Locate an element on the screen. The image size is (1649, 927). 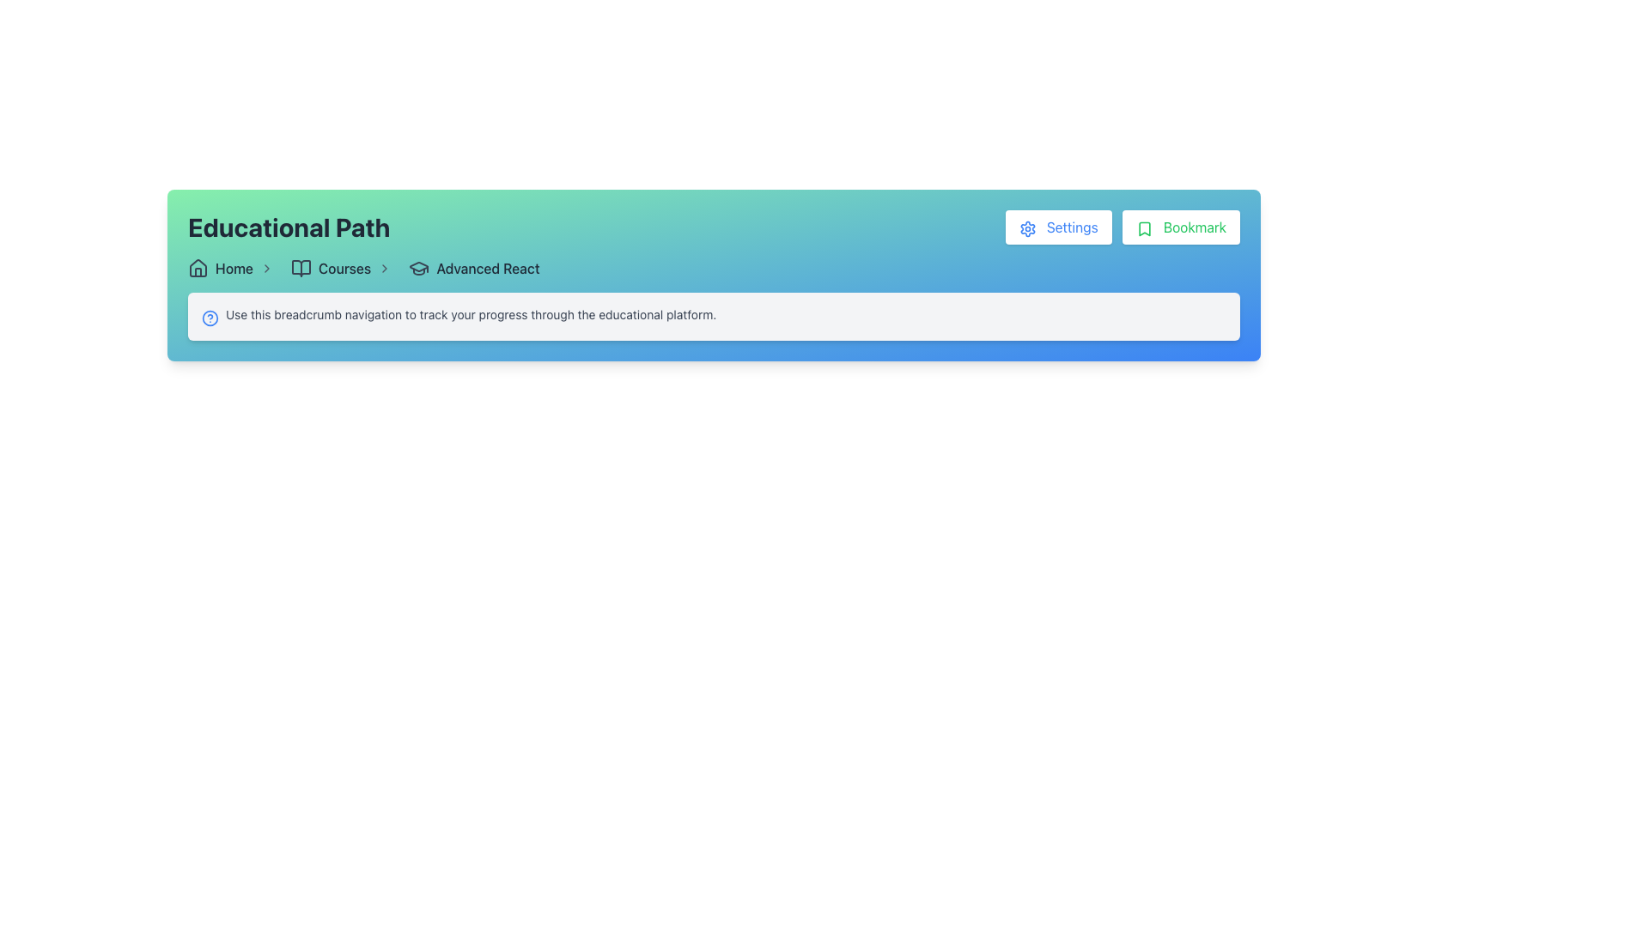
the current section title 'Advanced React' in the breadcrumb navigation, which is located at the top center-right of the header is located at coordinates (487, 268).